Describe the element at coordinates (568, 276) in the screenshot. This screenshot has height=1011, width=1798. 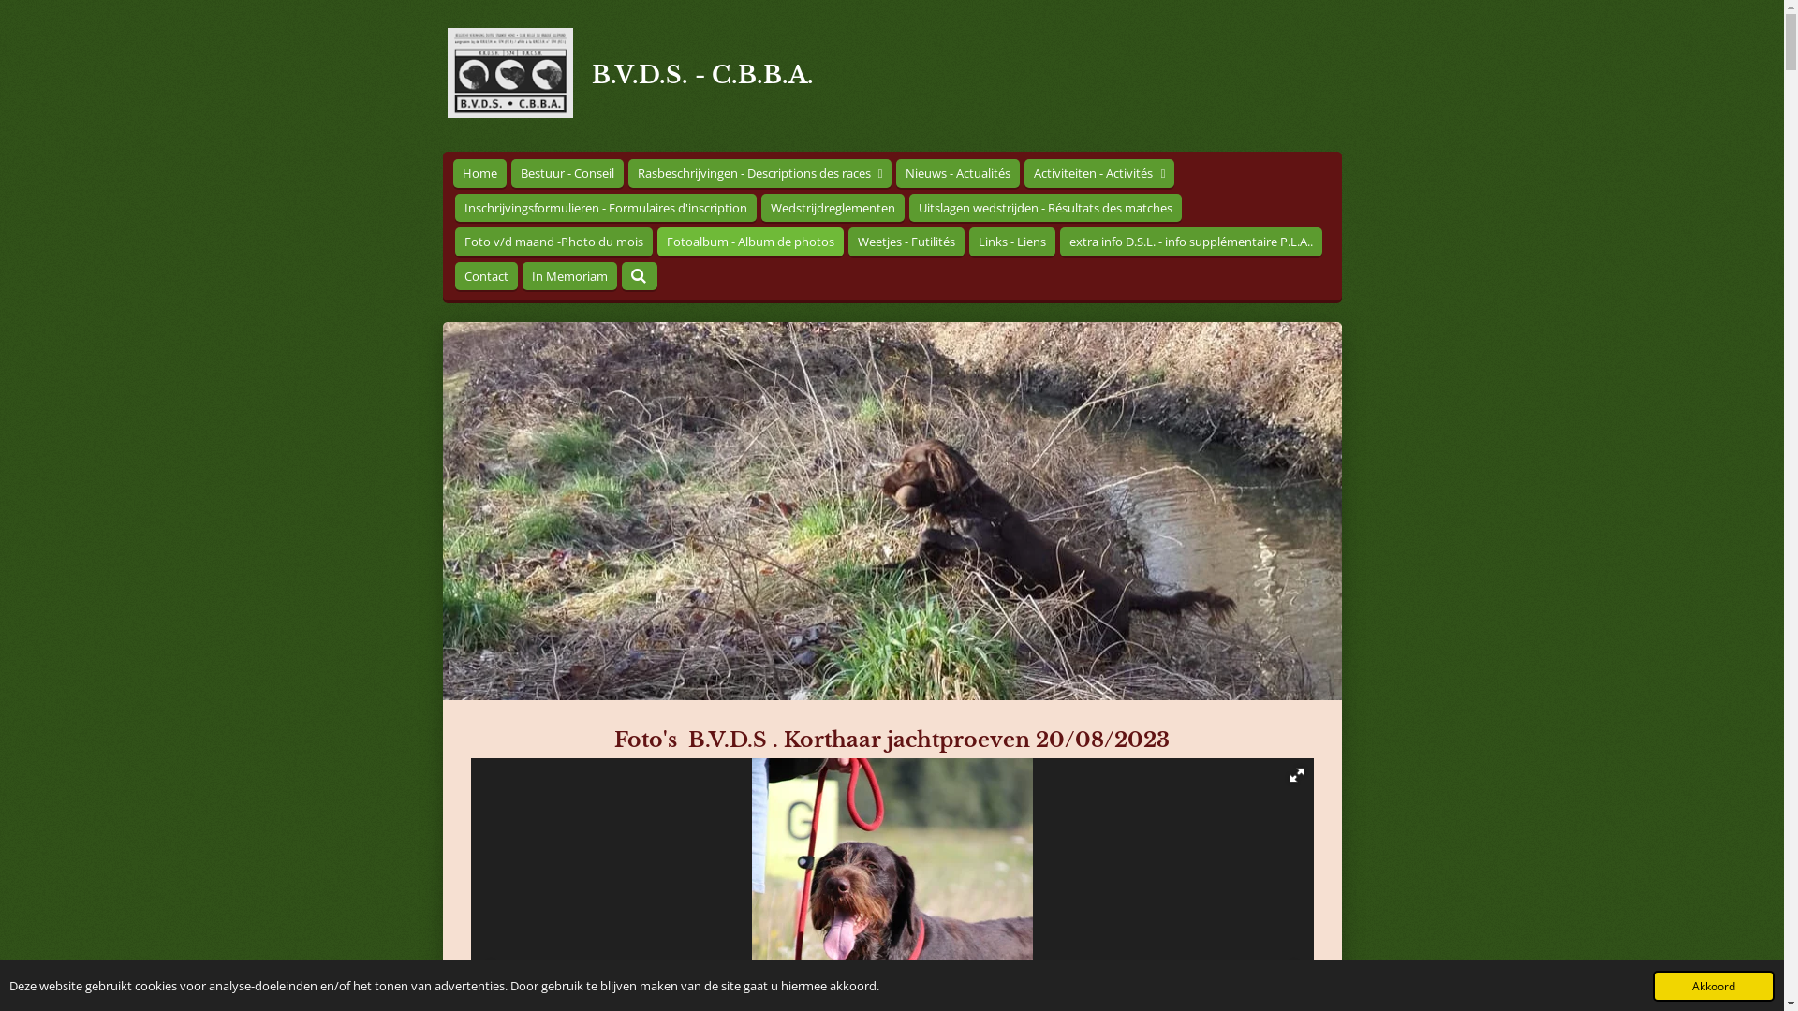
I see `'In Memoriam'` at that location.